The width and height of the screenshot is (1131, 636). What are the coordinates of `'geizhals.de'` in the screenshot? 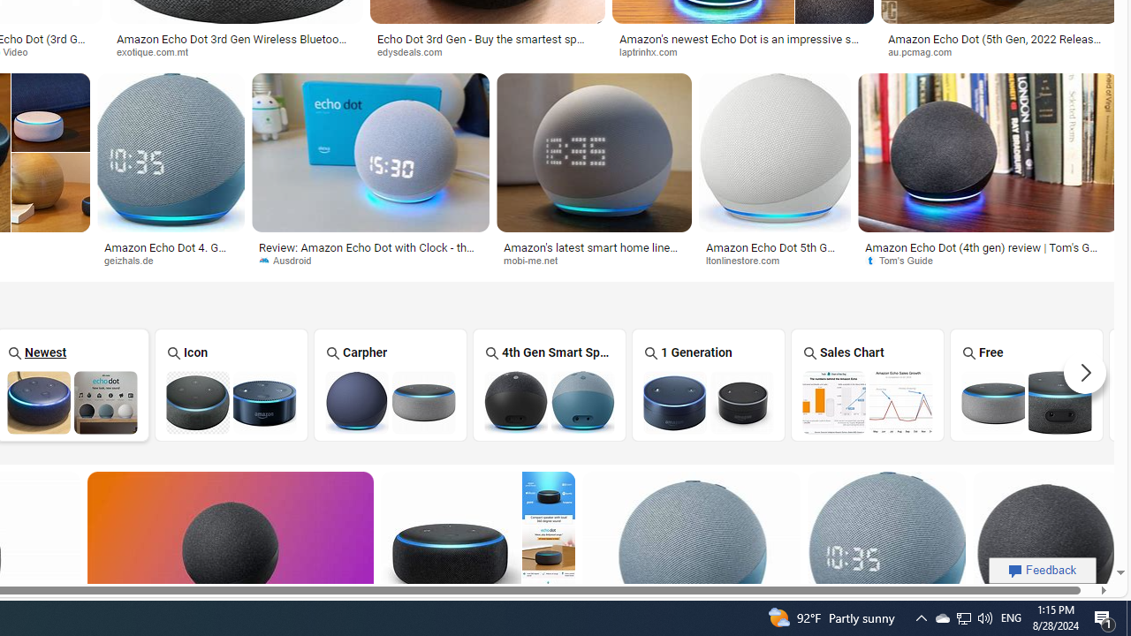 It's located at (133, 260).